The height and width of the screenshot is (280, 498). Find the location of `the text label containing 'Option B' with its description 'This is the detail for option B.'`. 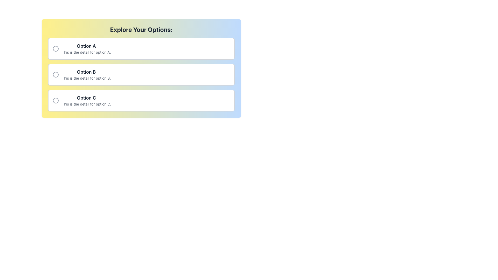

the text label containing 'Option B' with its description 'This is the detail for option B.' is located at coordinates (86, 75).